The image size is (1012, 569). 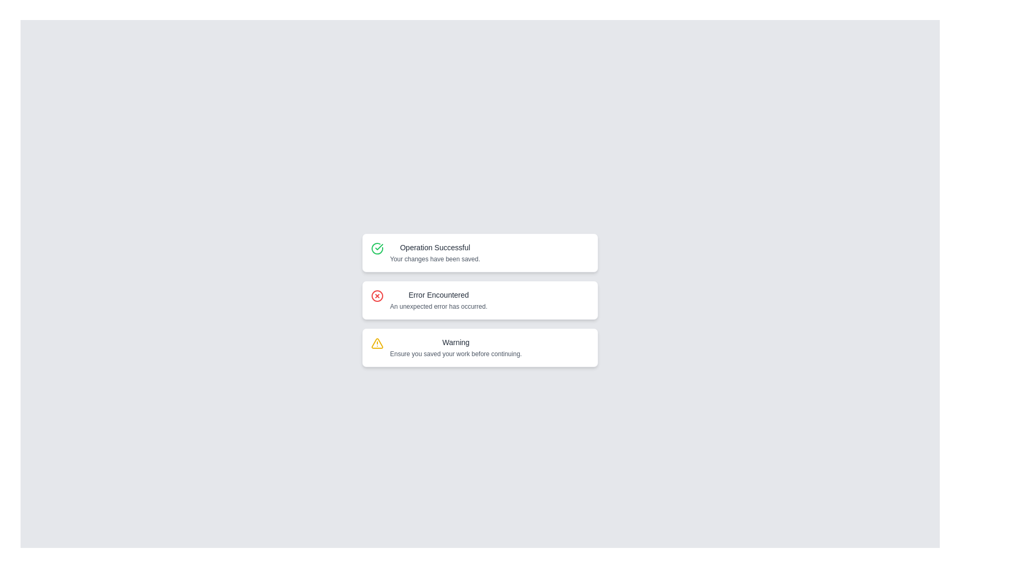 I want to click on the success icon in the 'Operation Successful' card at the top of the vertical list of cards, so click(x=377, y=248).